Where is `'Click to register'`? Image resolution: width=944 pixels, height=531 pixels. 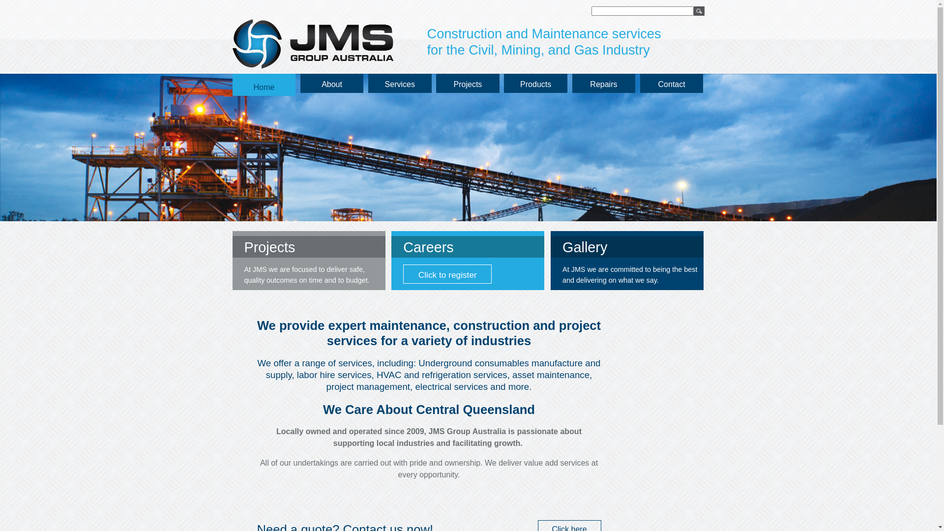 'Click to register' is located at coordinates (447, 274).